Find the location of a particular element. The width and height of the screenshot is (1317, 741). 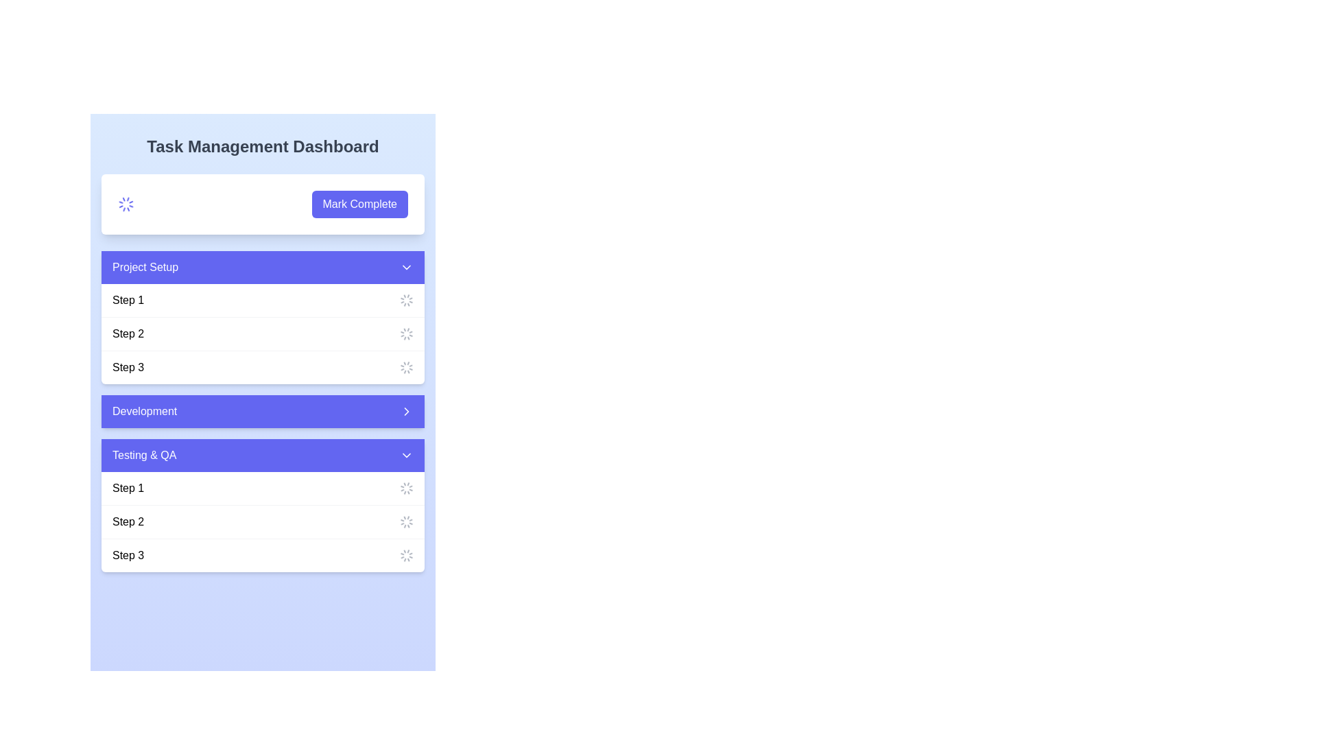

the downward-facing chevron icon in the 'Project Setup' header is located at coordinates (406, 267).